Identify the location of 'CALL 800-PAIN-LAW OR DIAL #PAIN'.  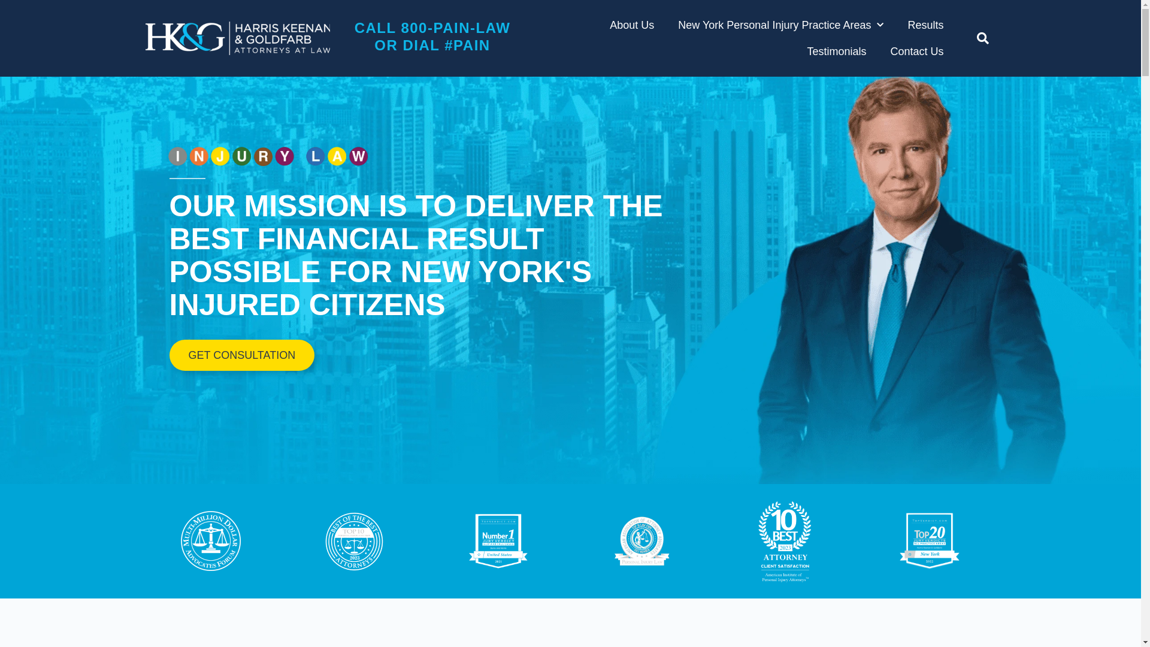
(432, 36).